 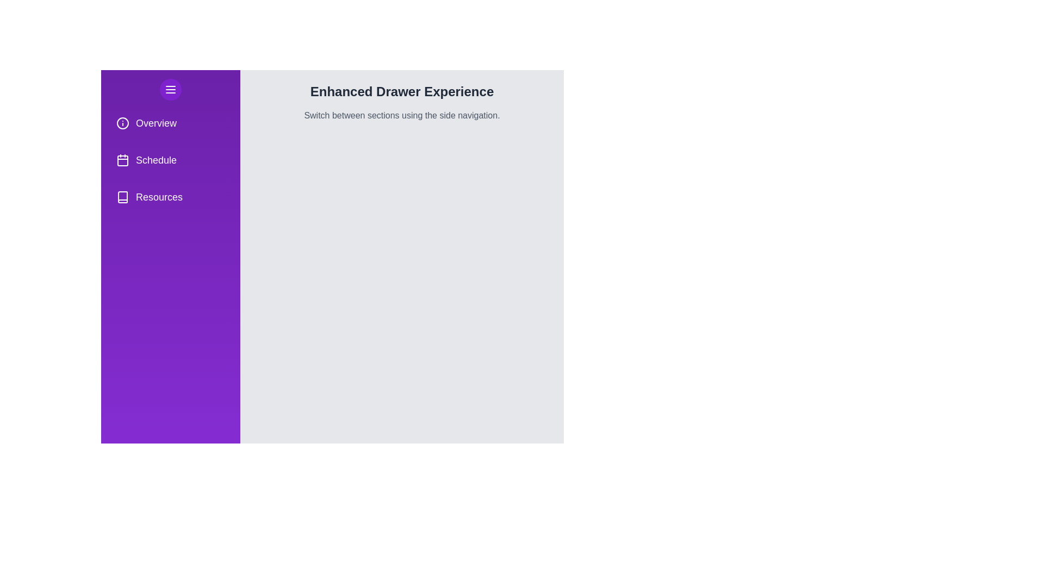 I want to click on the navigation menu item Overview, so click(x=170, y=123).